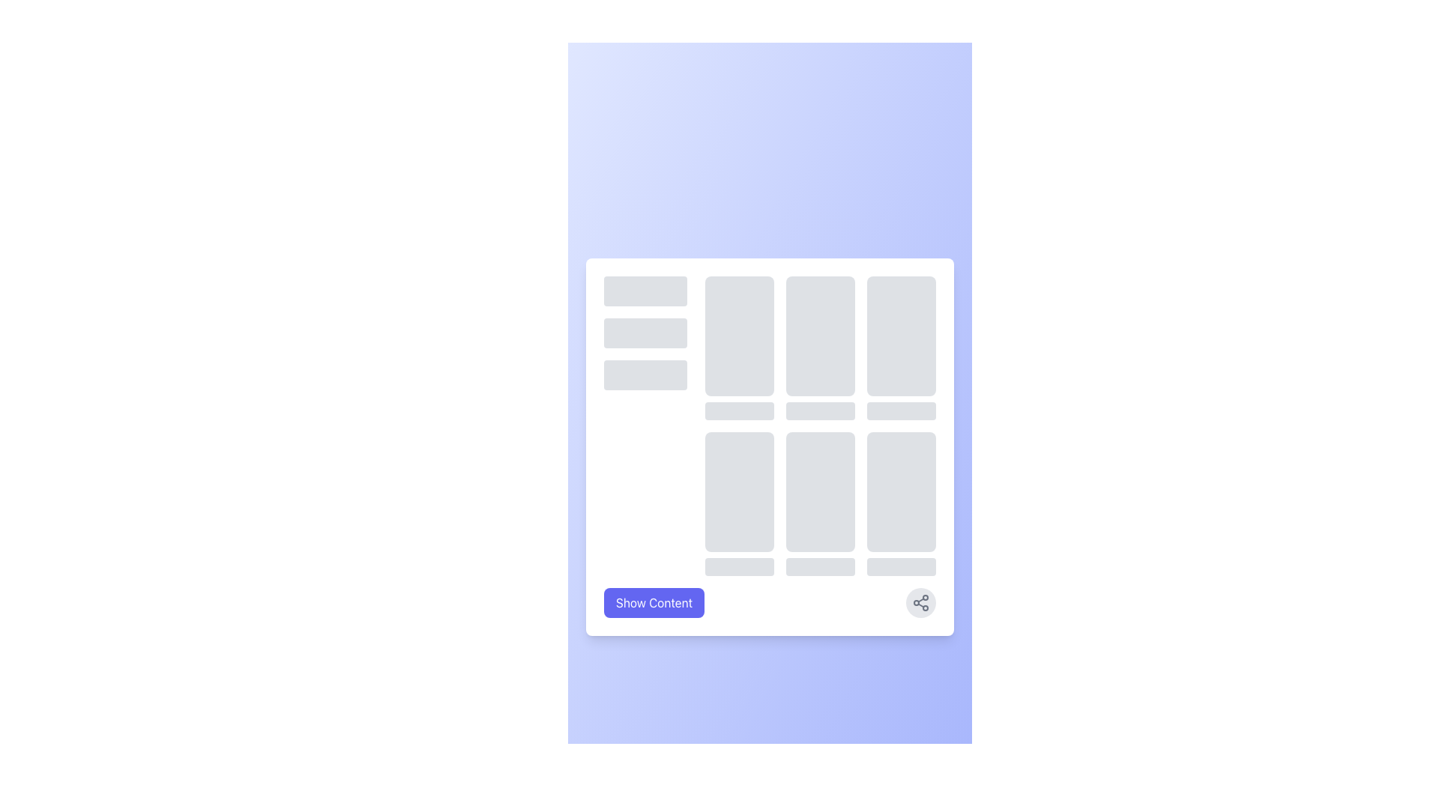  What do you see at coordinates (739, 503) in the screenshot?
I see `the fourth column item within the second row of the grid` at bounding box center [739, 503].